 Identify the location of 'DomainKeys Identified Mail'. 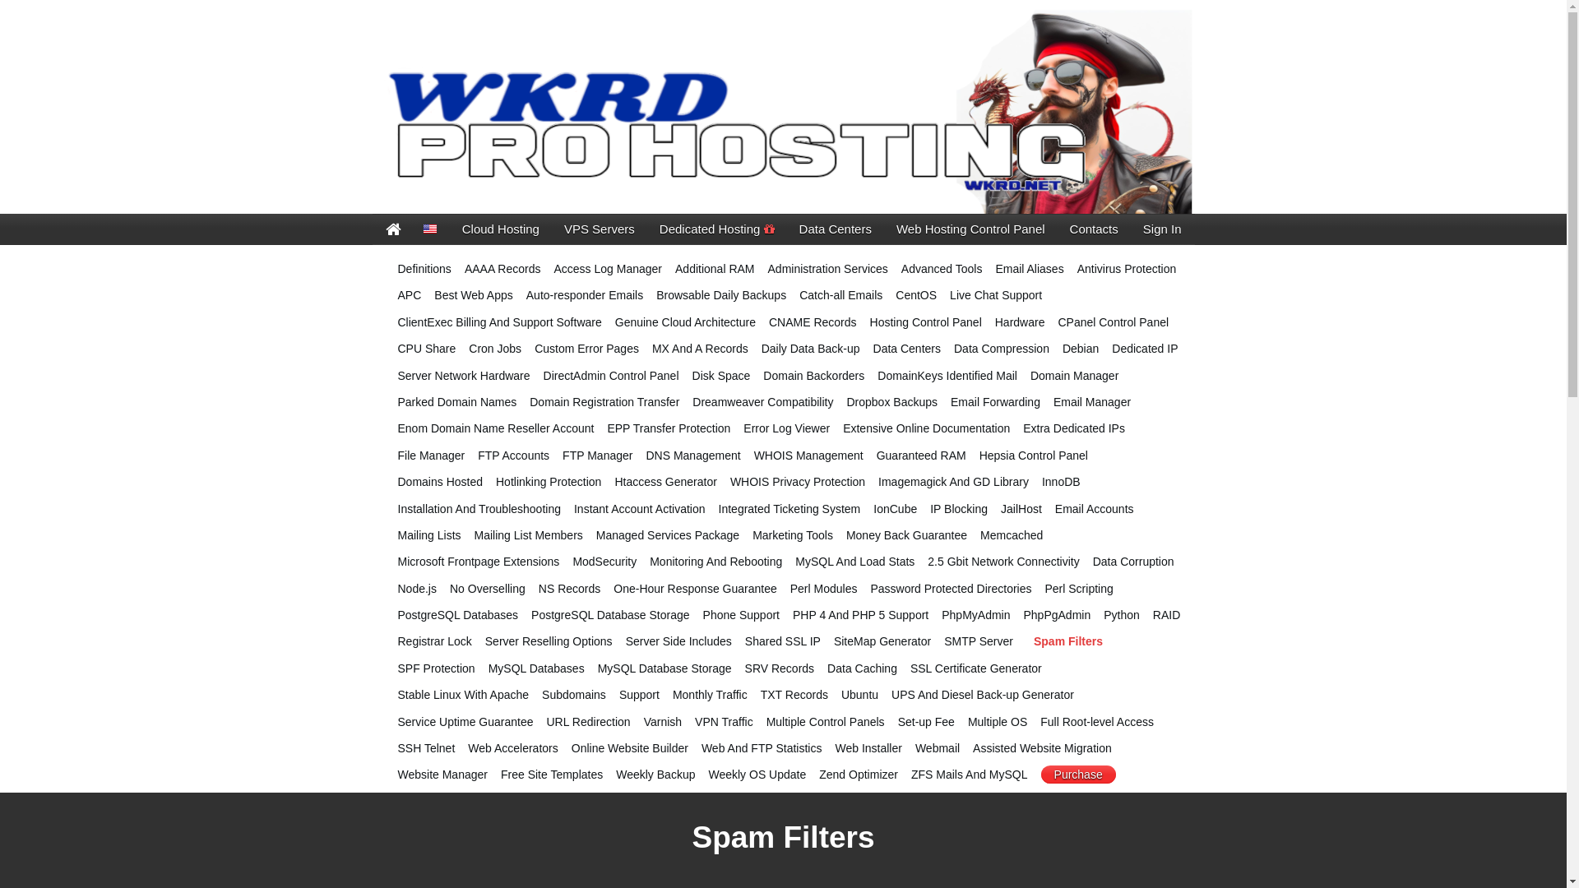
(947, 375).